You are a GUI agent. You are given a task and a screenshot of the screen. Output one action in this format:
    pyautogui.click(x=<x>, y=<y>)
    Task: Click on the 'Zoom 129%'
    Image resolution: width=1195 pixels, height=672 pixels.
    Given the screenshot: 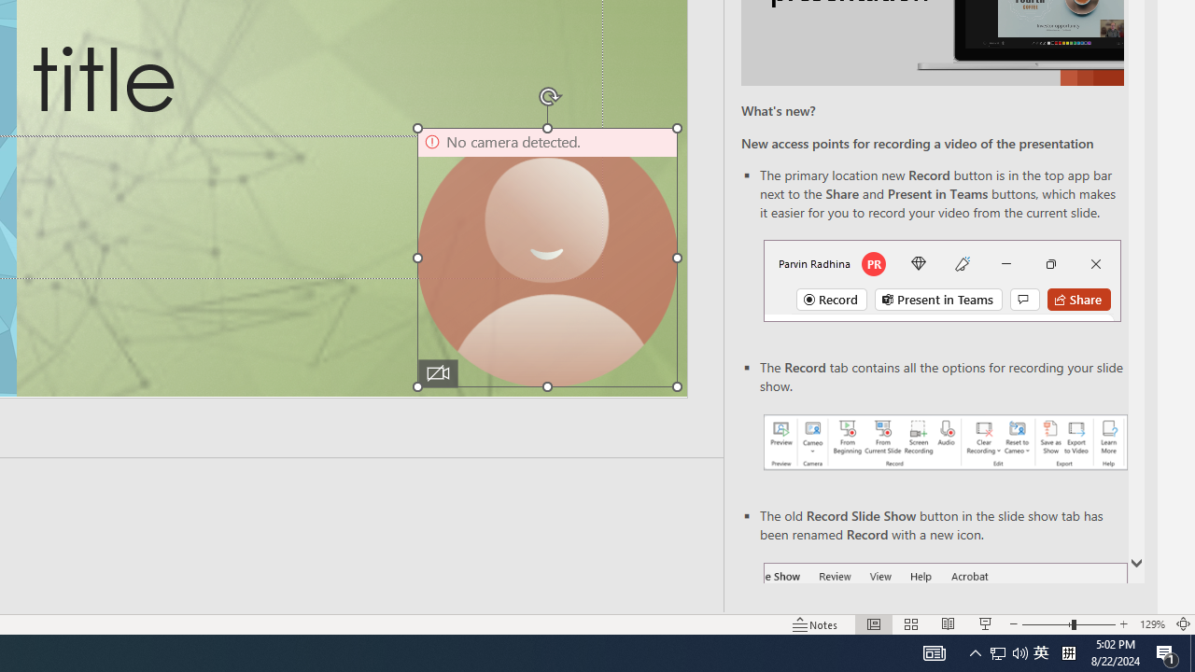 What is the action you would take?
    pyautogui.click(x=1151, y=624)
    